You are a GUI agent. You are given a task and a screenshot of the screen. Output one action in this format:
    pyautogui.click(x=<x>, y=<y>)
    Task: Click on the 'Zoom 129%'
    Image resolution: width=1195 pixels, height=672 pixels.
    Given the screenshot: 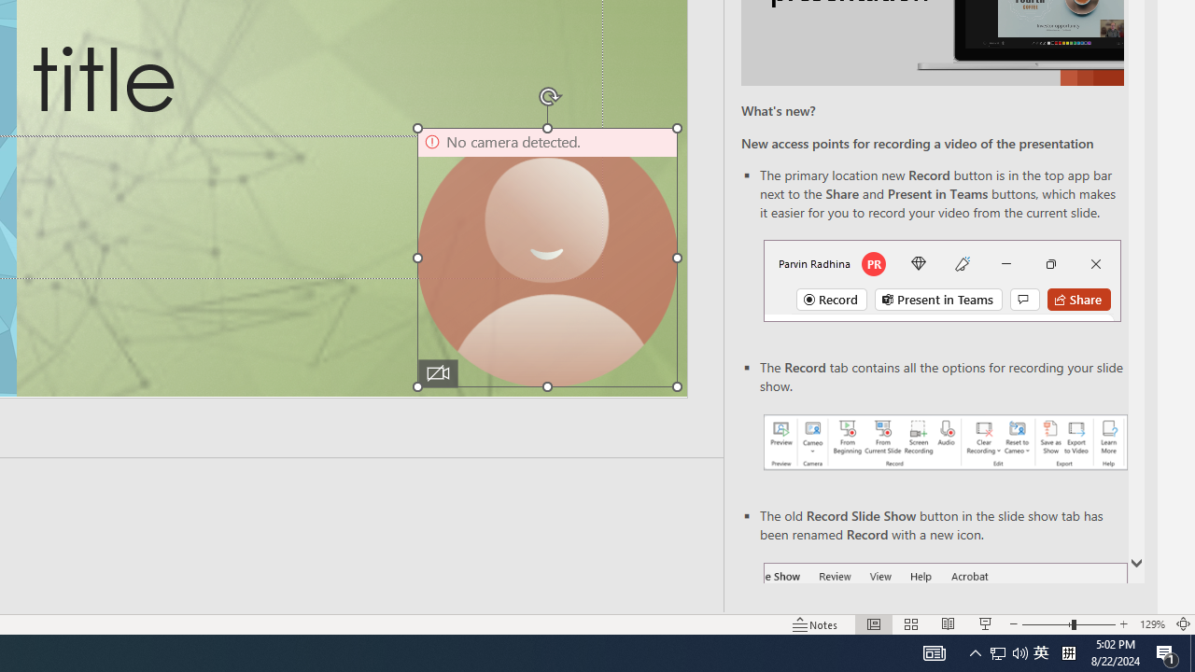 What is the action you would take?
    pyautogui.click(x=1151, y=624)
    